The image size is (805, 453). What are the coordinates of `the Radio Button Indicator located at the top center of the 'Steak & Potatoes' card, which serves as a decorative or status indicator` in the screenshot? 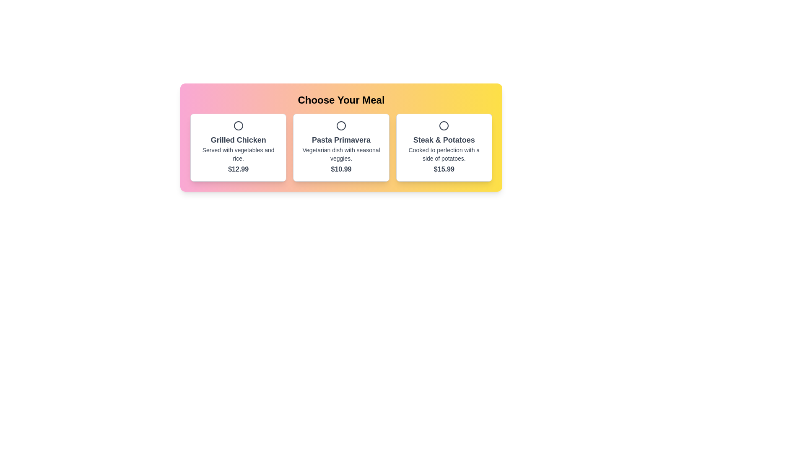 It's located at (444, 126).